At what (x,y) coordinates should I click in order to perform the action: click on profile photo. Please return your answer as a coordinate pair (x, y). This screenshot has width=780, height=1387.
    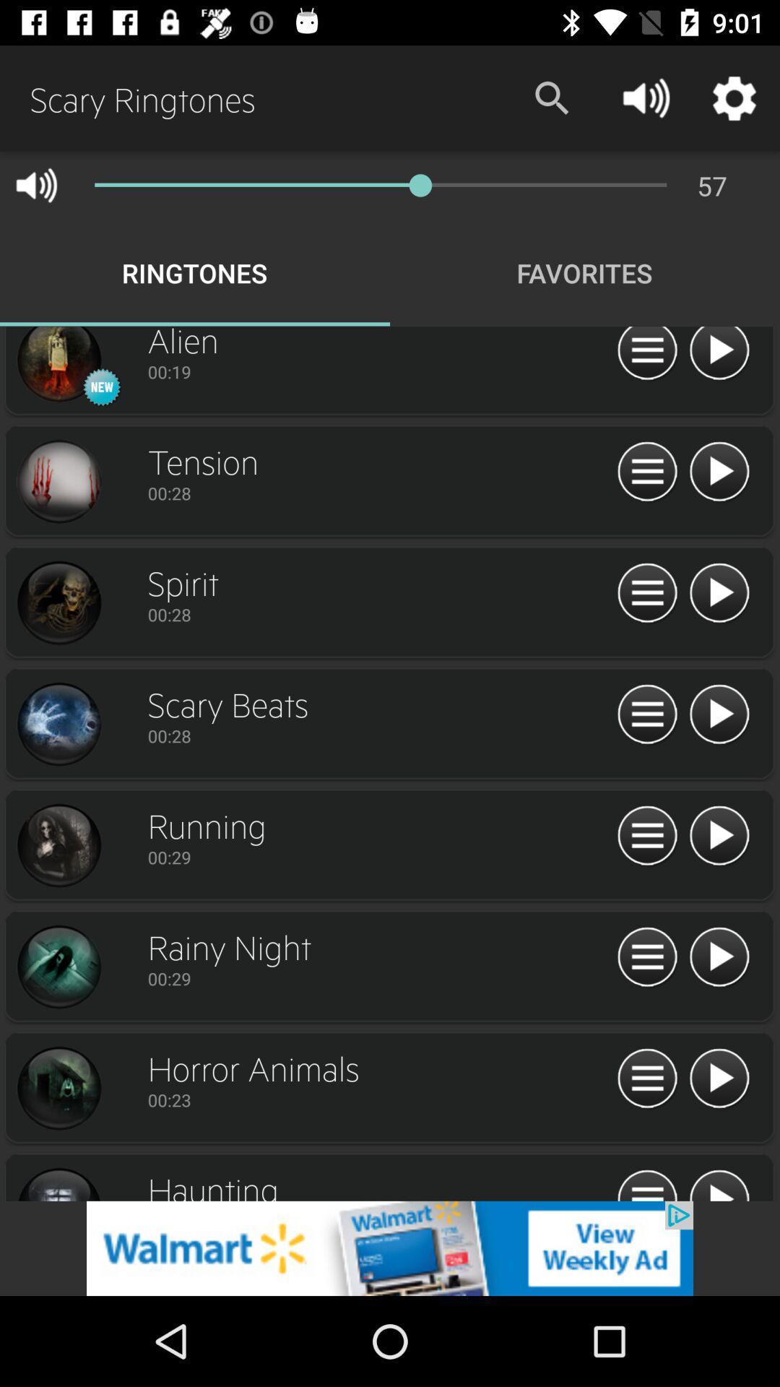
    Looking at the image, I should click on (58, 967).